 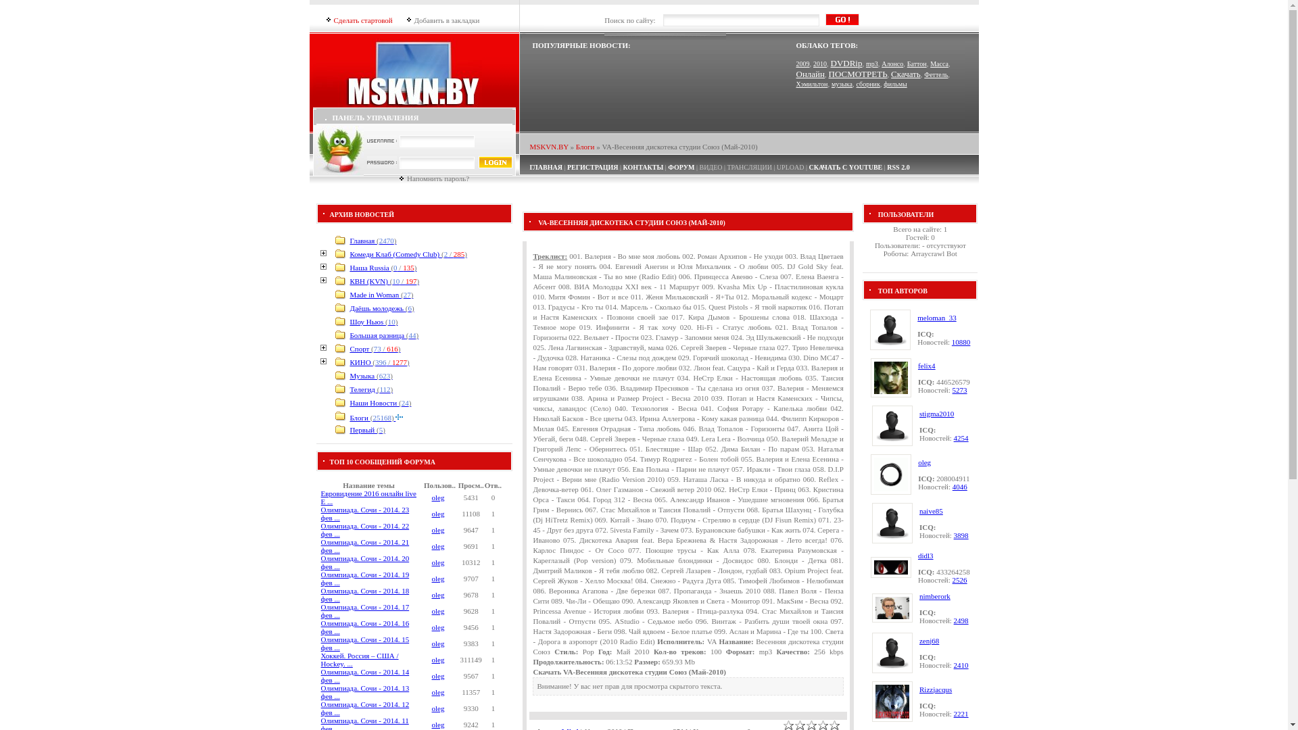 What do you see at coordinates (934, 689) in the screenshot?
I see `'Rizzjacqus'` at bounding box center [934, 689].